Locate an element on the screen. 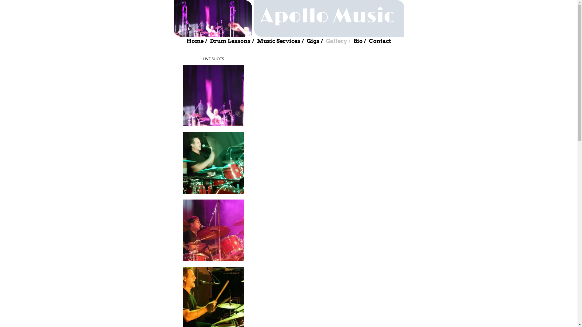 This screenshot has height=327, width=582. 'Bio /' is located at coordinates (360, 41).